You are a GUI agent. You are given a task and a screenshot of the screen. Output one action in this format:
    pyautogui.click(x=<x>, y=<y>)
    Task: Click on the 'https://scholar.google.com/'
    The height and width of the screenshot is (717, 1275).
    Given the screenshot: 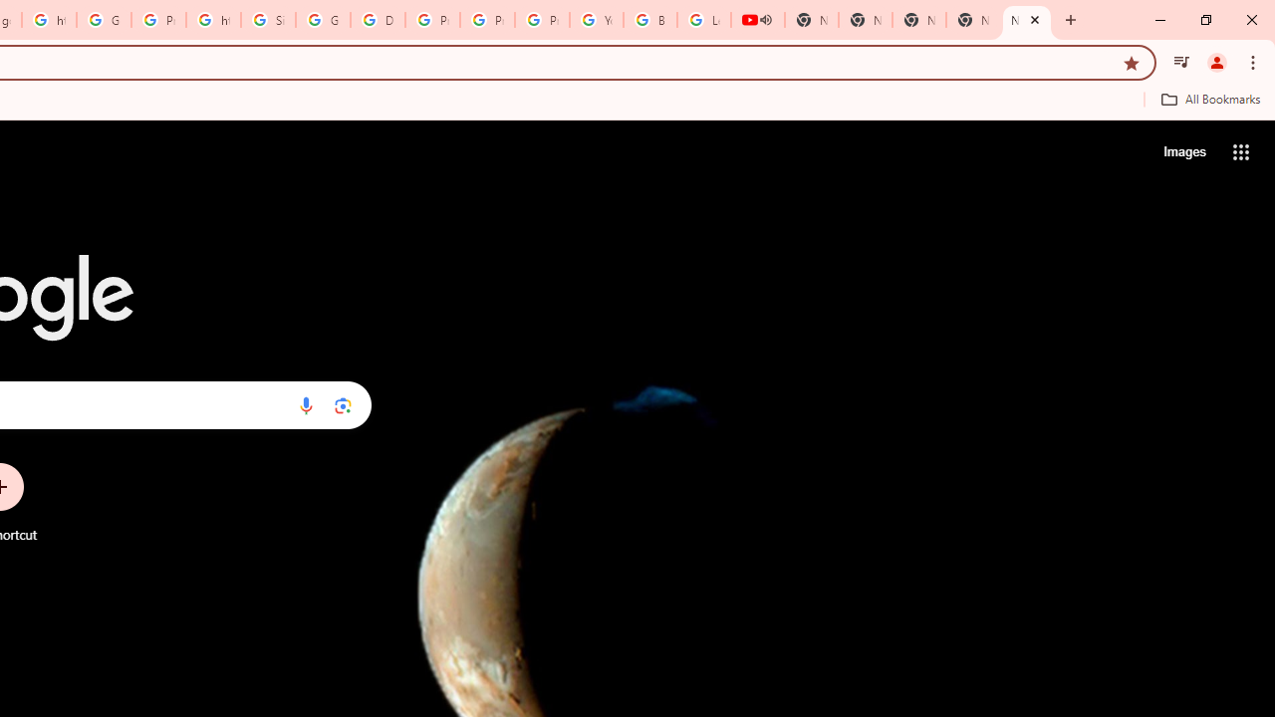 What is the action you would take?
    pyautogui.click(x=213, y=20)
    